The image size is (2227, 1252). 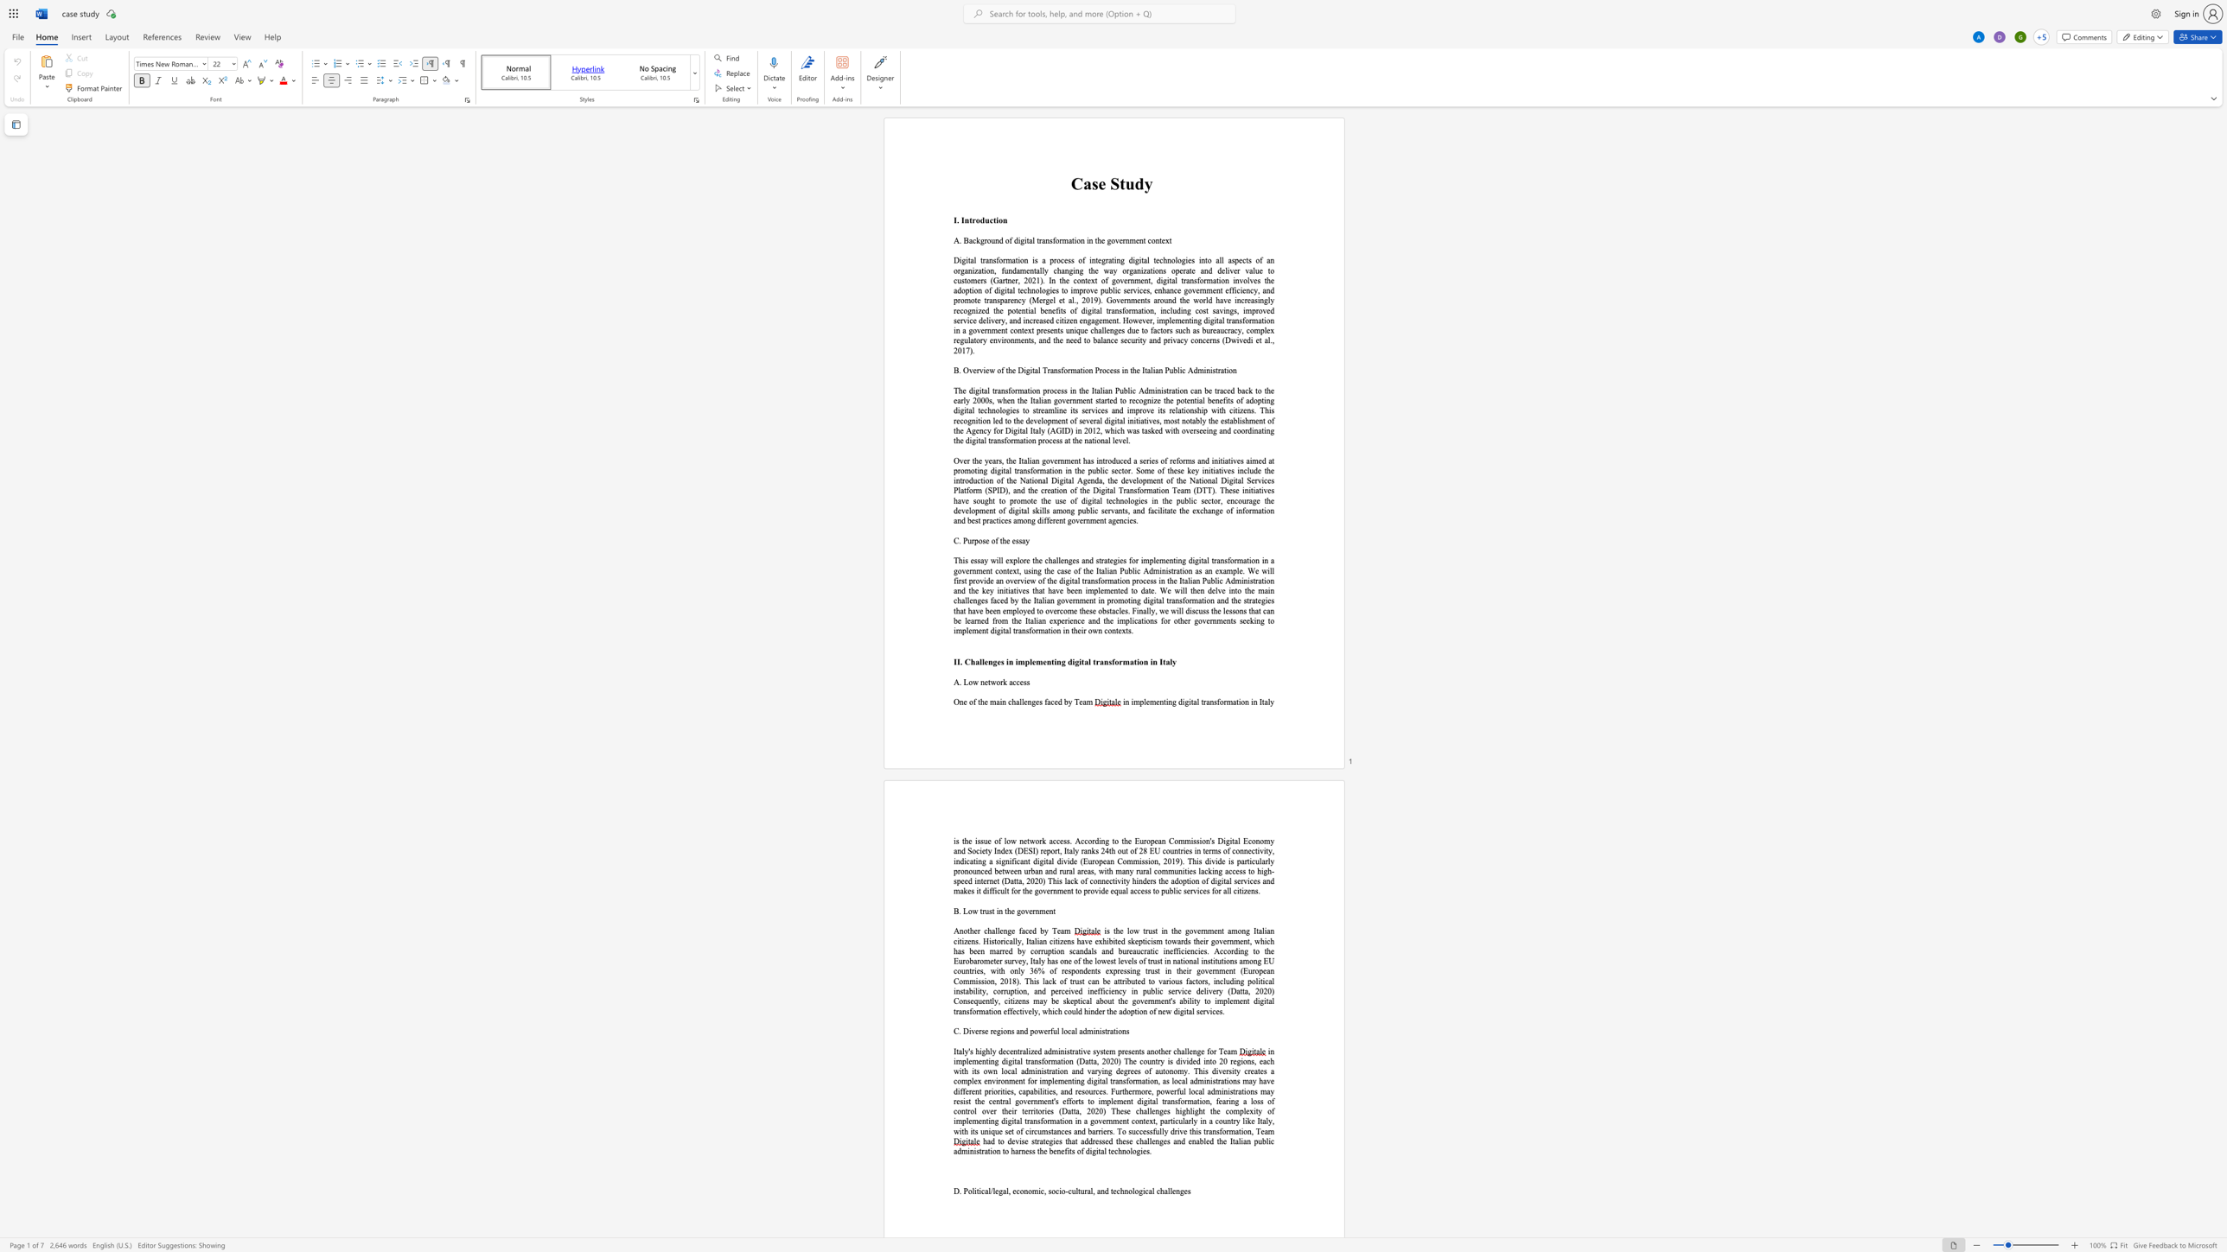 I want to click on the space between the continuous character "c" and "t" in the text, so click(x=992, y=220).